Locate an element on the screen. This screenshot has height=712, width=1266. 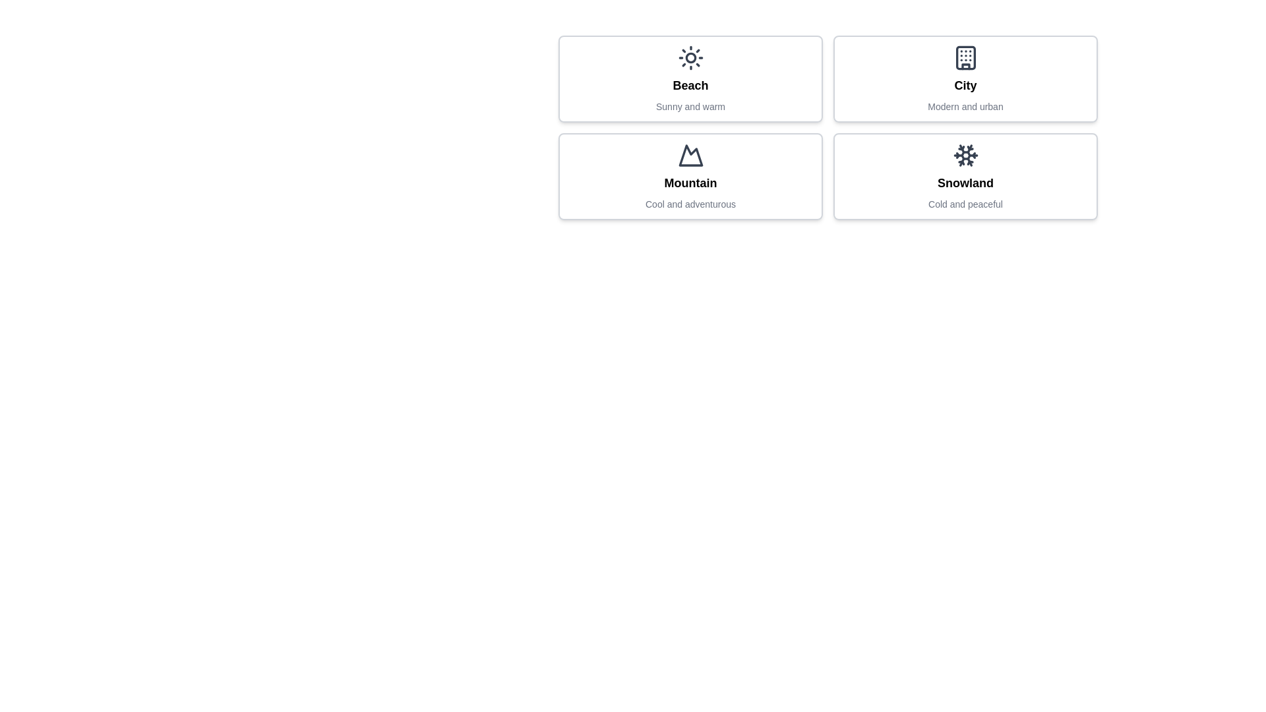
the rectangular card titled 'Beach' with a sun icon at the top, located in the top-left corner of the grid is located at coordinates (690, 78).